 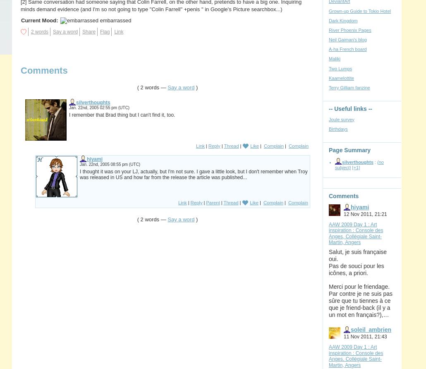 What do you see at coordinates (350, 108) in the screenshot?
I see `'-- Useful links --'` at bounding box center [350, 108].